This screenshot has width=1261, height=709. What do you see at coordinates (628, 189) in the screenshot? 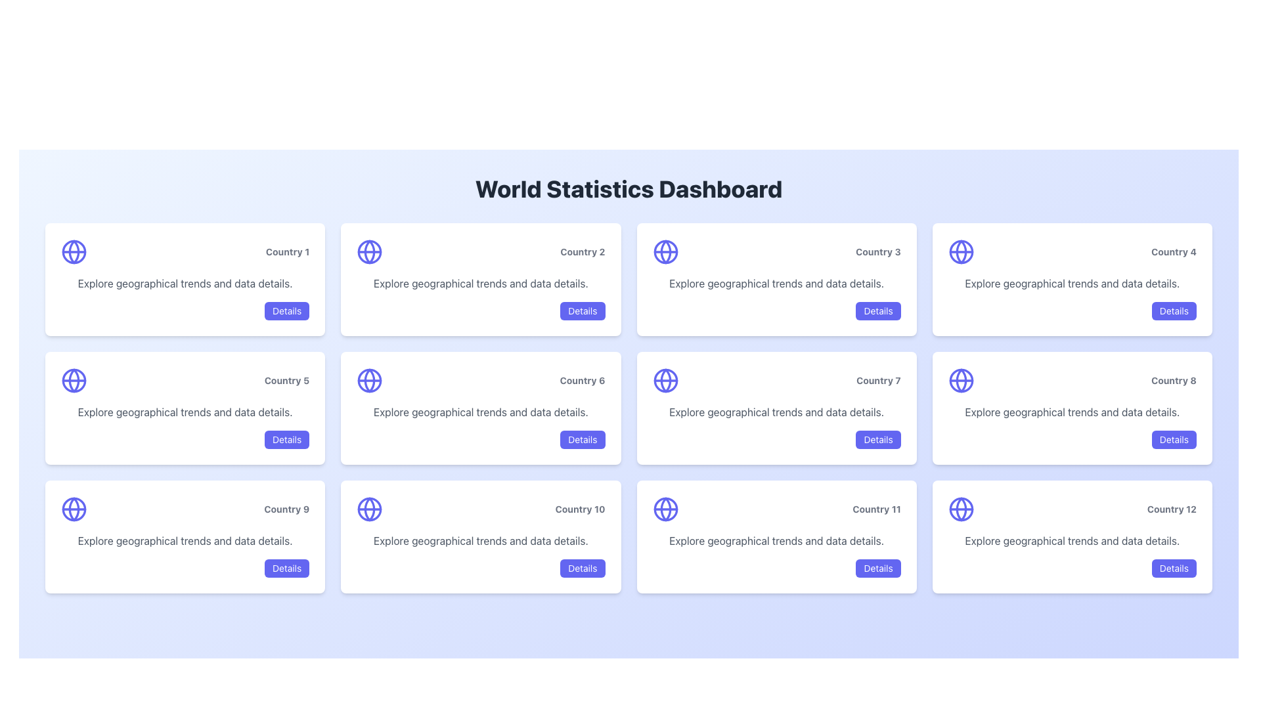
I see `prominently styled text that displays 'World Statistics Dashboard' to understand the purpose of the page` at bounding box center [628, 189].